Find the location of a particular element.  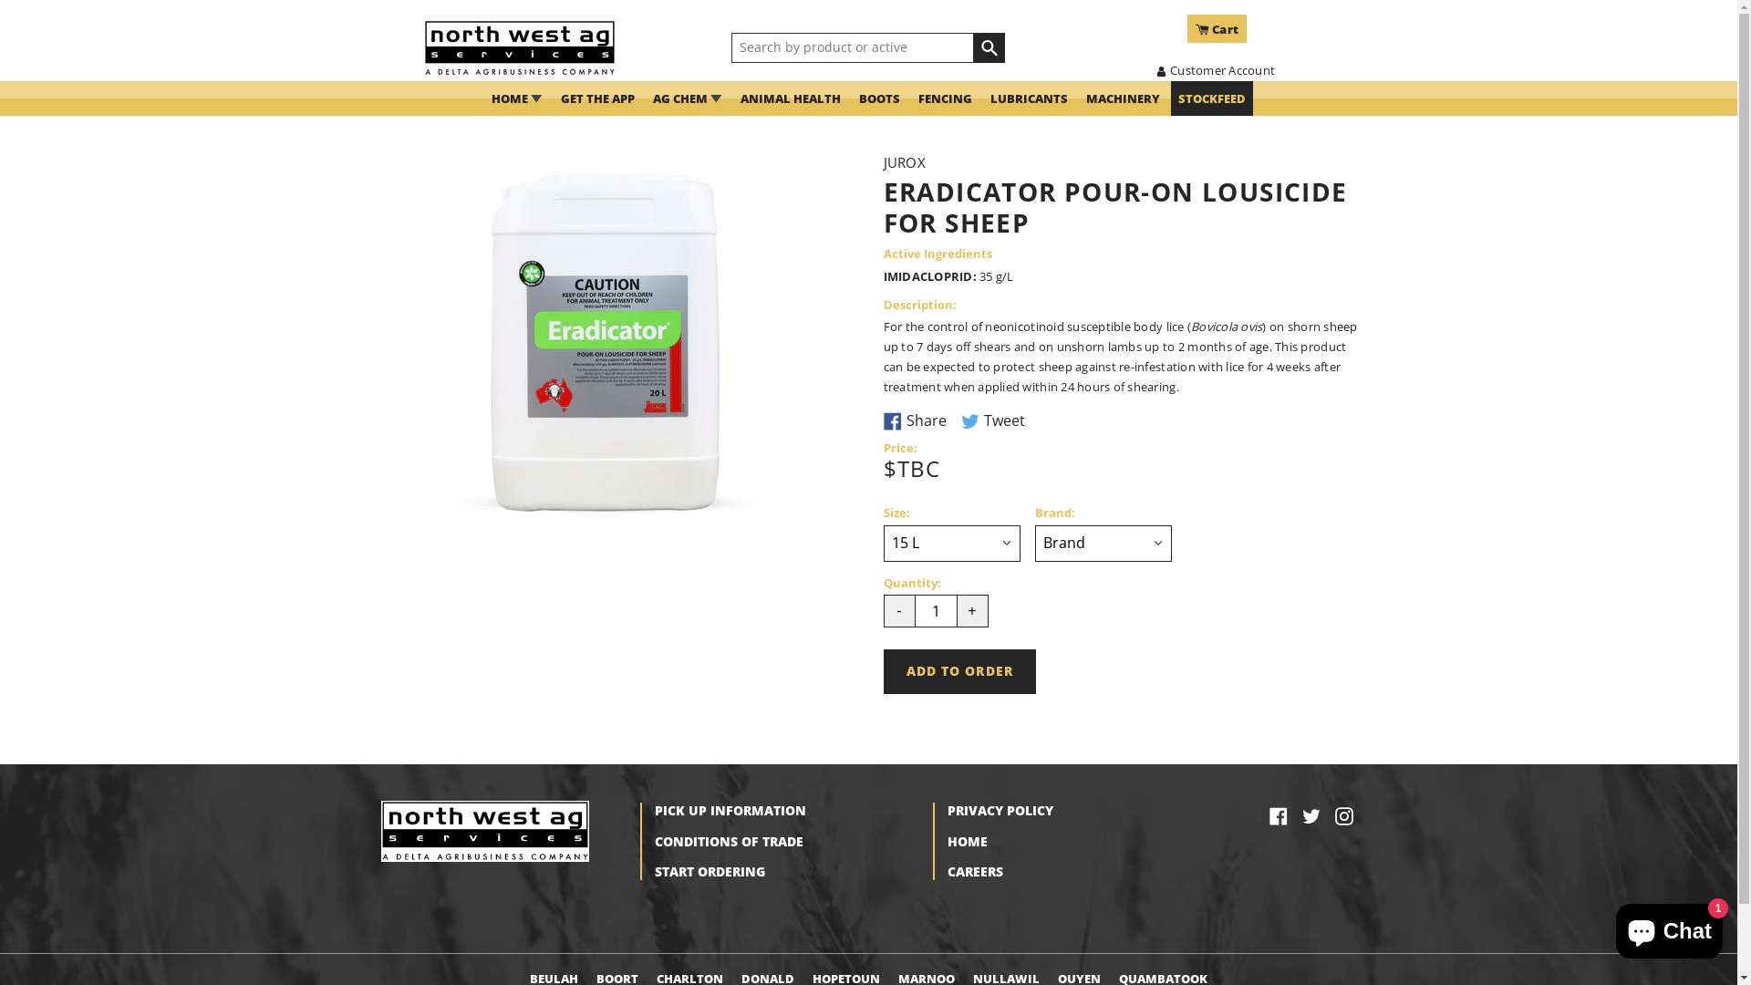

'ADD TO ORDER' is located at coordinates (958, 671).